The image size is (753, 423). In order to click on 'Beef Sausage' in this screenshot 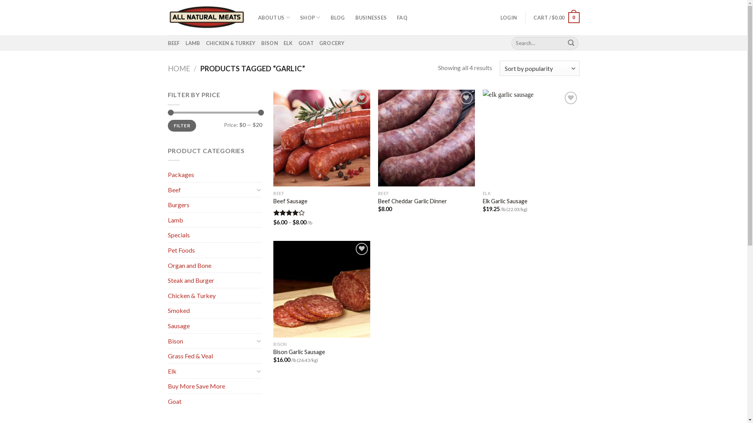, I will do `click(273, 201)`.